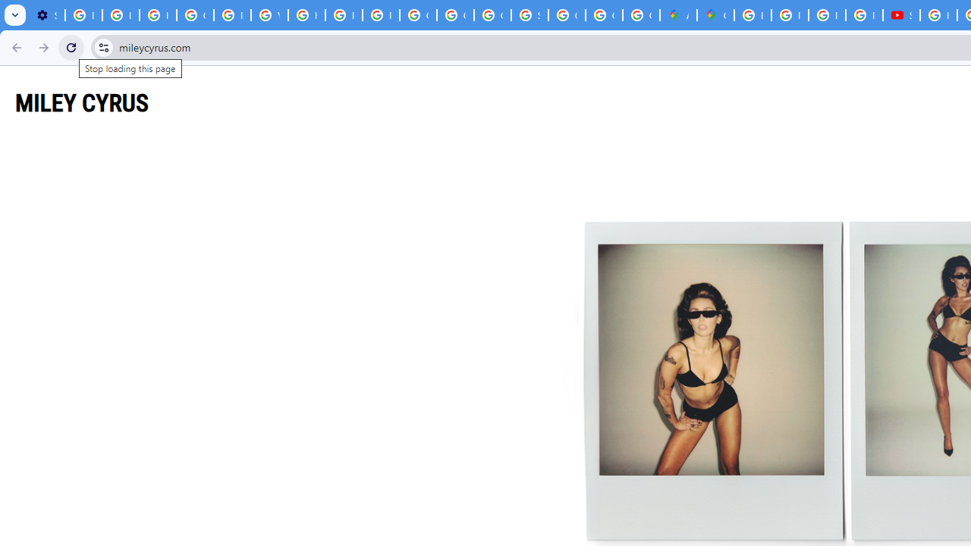  Describe the element at coordinates (715, 15) in the screenshot. I see `'Google Maps'` at that location.